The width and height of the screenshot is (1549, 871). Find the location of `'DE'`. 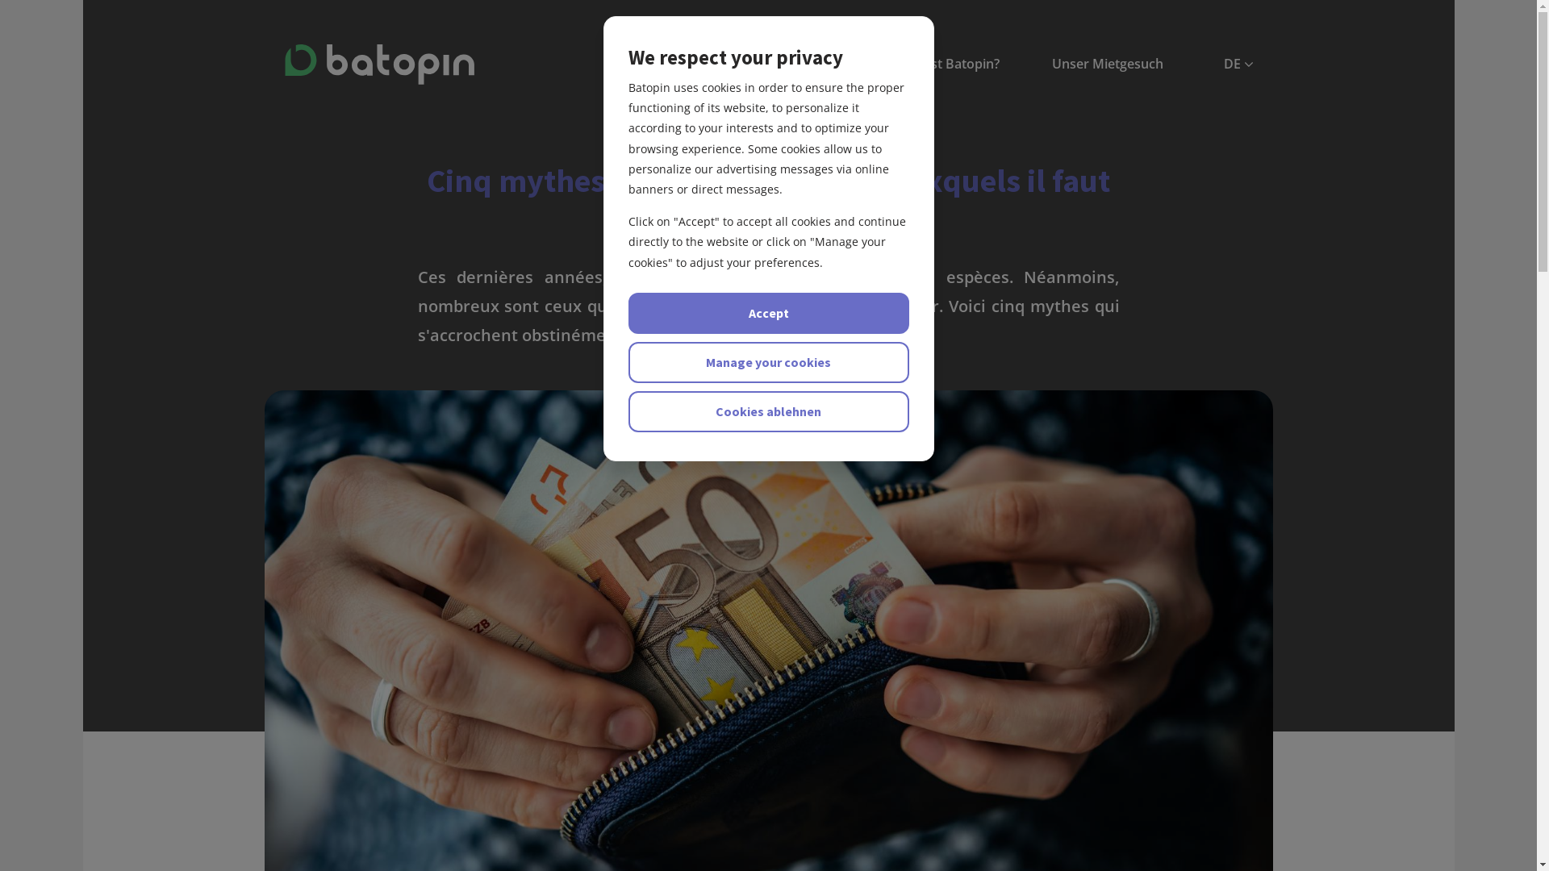

'DE' is located at coordinates (1223, 63).